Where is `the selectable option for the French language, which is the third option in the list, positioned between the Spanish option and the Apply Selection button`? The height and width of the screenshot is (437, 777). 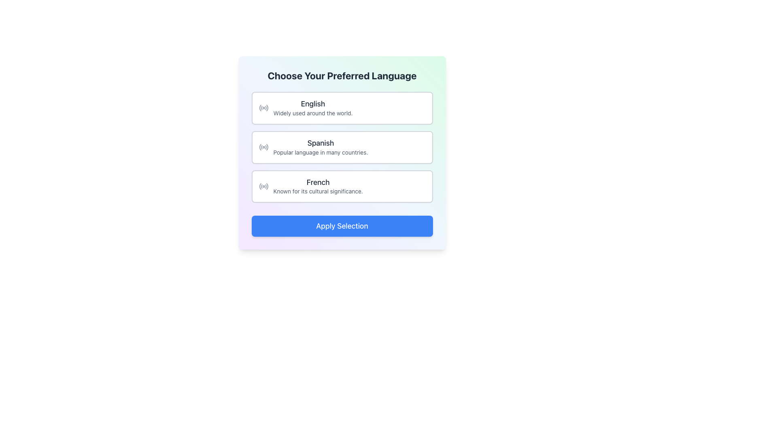
the selectable option for the French language, which is the third option in the list, positioned between the Spanish option and the Apply Selection button is located at coordinates (310, 186).